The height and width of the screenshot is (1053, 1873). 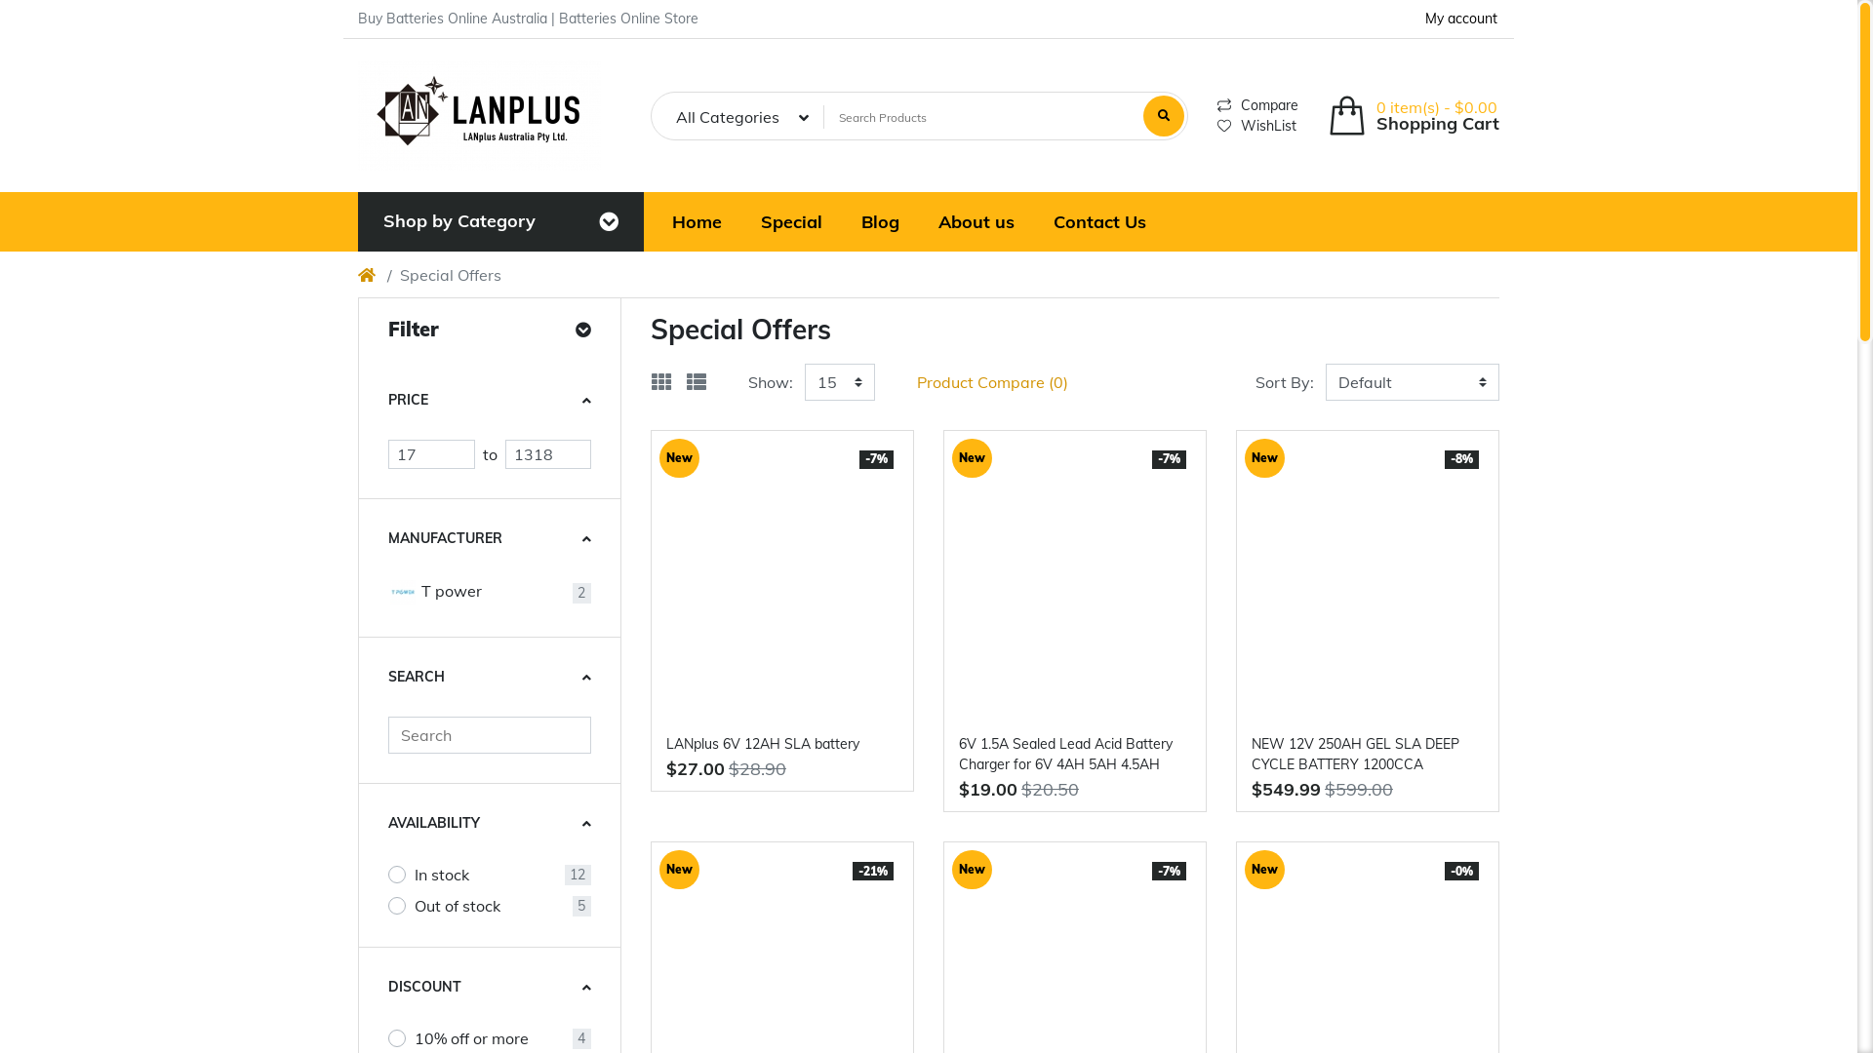 I want to click on 'Quick view', so click(x=1388, y=823).